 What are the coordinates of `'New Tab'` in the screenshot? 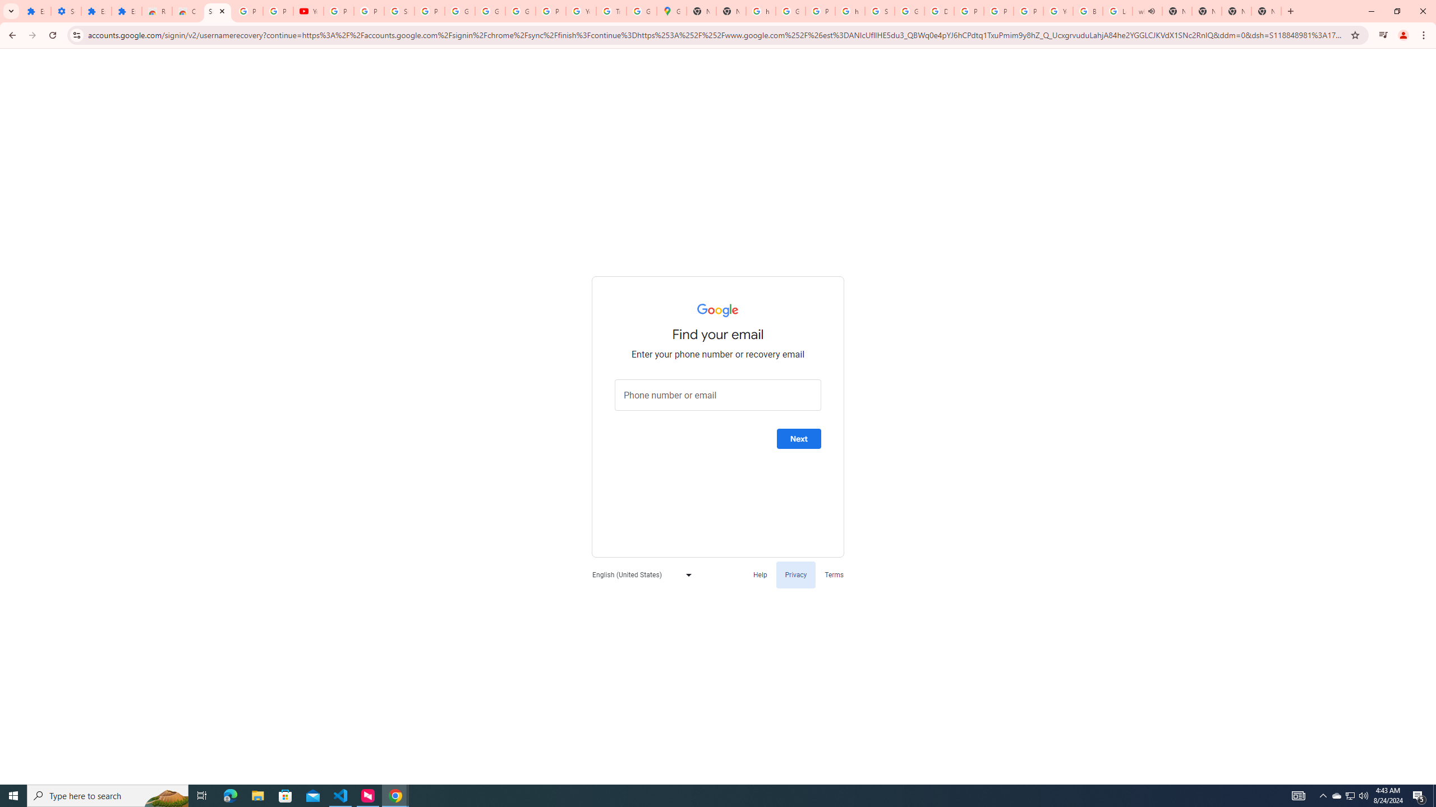 It's located at (1266, 11).